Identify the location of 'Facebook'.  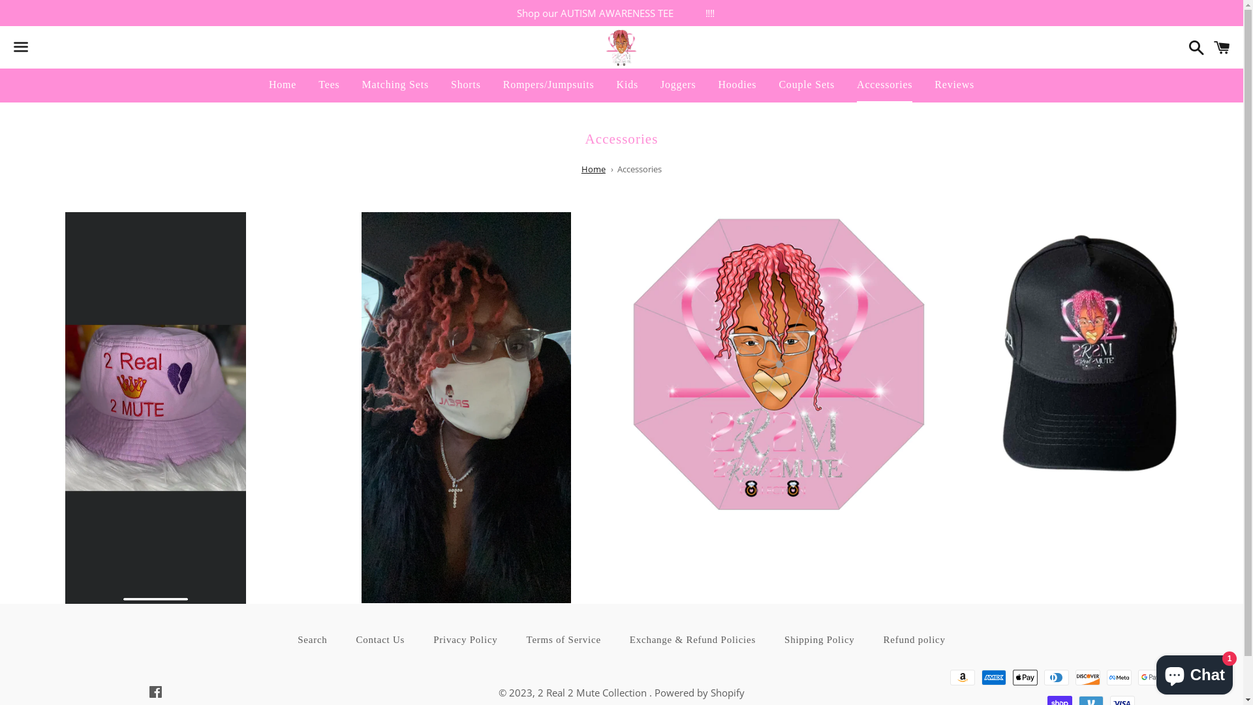
(155, 692).